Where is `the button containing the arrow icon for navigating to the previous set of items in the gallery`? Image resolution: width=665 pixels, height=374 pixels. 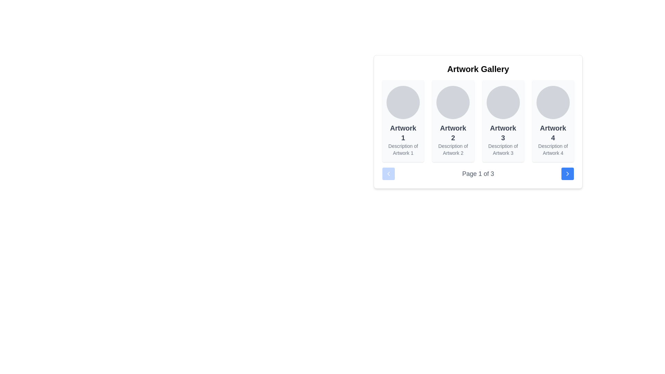
the button containing the arrow icon for navigating to the previous set of items in the gallery is located at coordinates (389, 173).